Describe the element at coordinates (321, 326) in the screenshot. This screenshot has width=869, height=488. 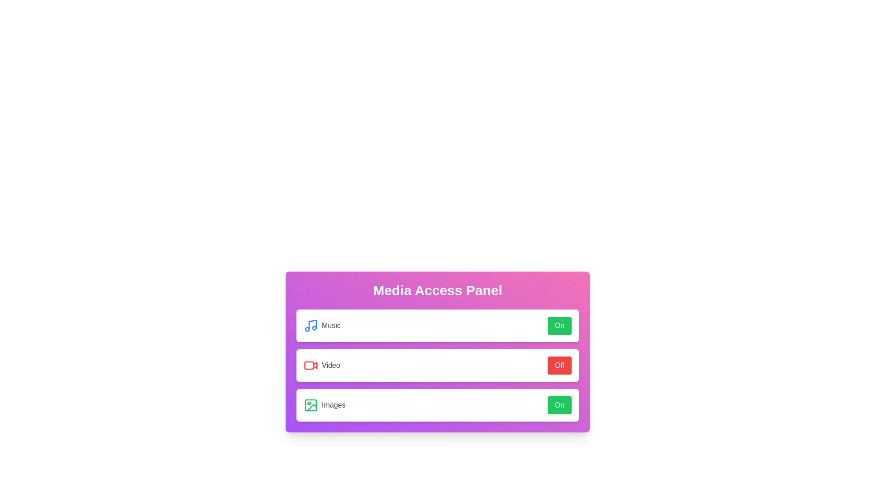
I see `the media type text Music for inspection` at that location.